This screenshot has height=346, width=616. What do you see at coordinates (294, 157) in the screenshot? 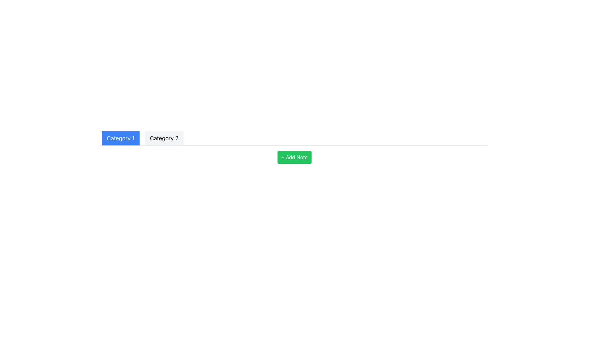
I see `the button that adds a new note to observe a style change` at bounding box center [294, 157].